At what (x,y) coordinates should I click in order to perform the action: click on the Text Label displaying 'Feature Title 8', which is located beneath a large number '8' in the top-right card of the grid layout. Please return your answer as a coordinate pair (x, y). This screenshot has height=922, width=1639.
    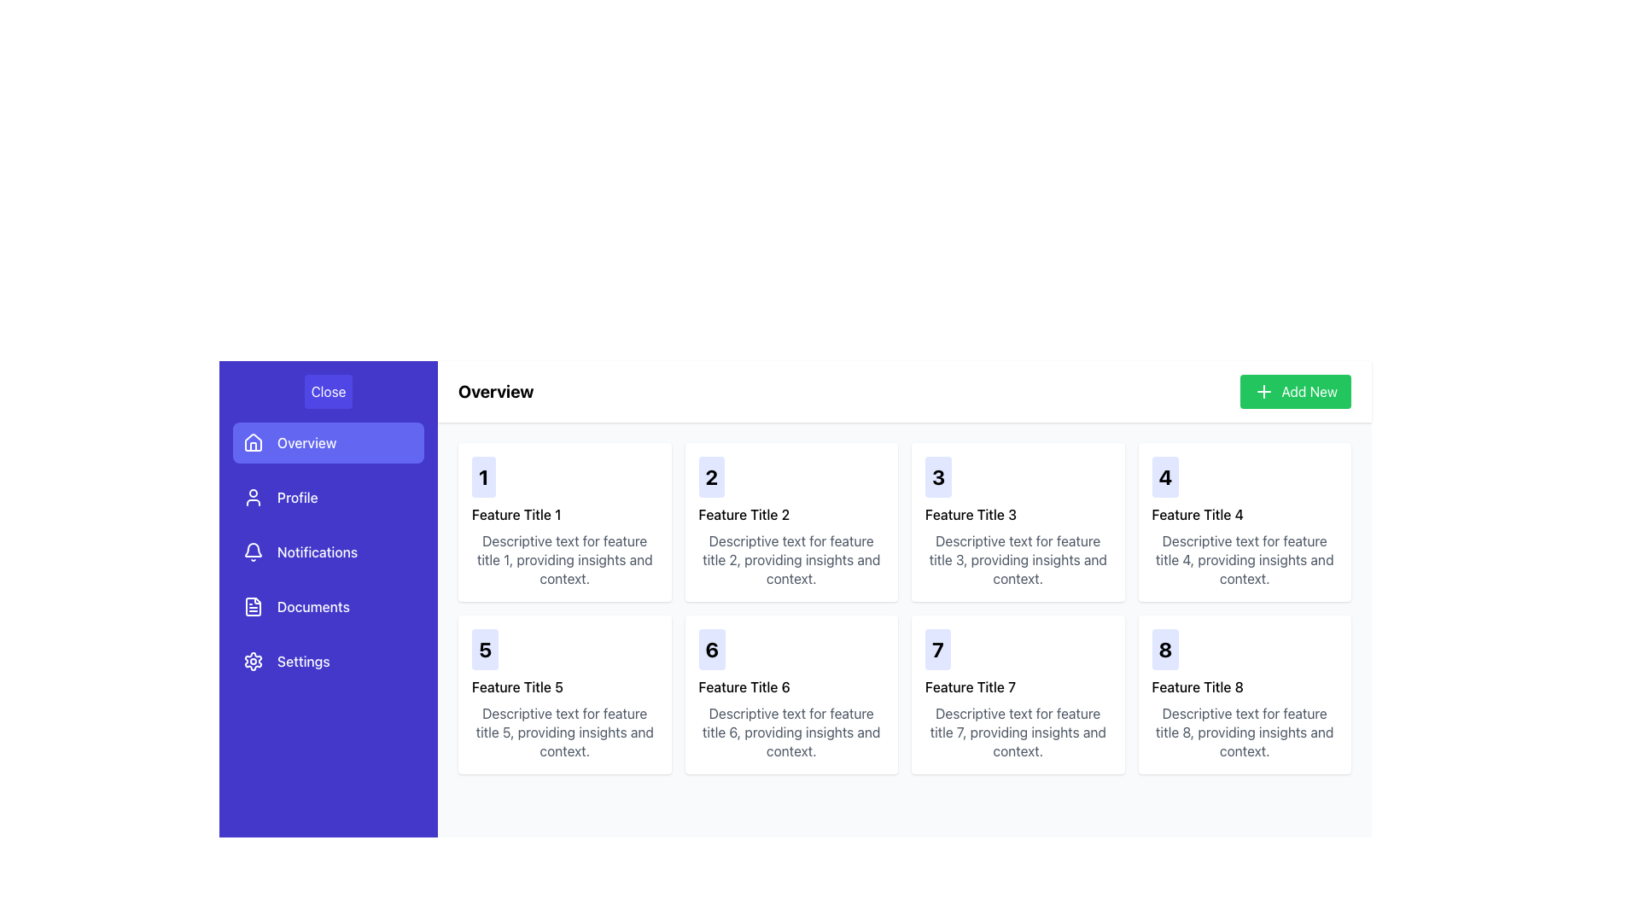
    Looking at the image, I should click on (1197, 686).